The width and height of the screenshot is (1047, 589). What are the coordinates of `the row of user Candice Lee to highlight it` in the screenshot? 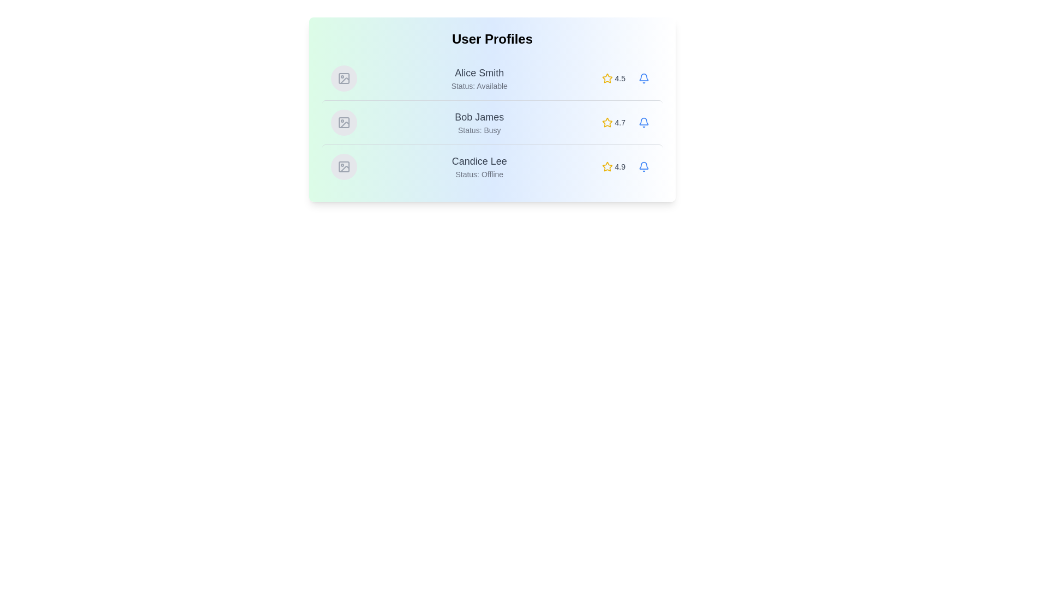 It's located at (491, 166).